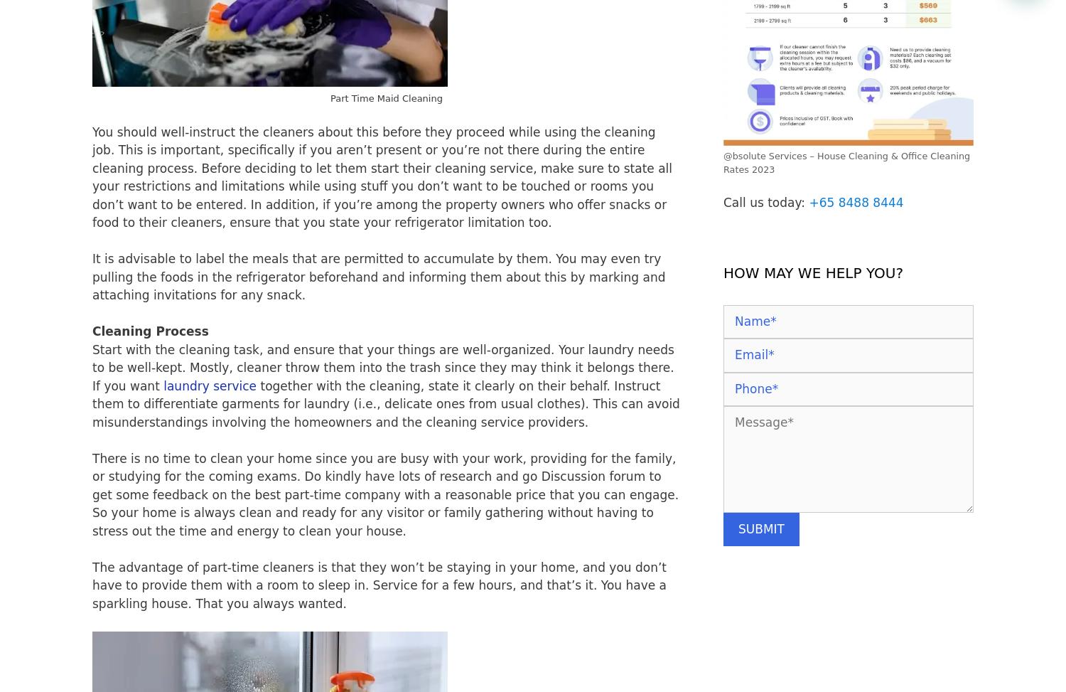 This screenshot has width=1066, height=692. I want to click on 'Start with the cleaning task, and ensure that your things are well-organized. Your laundry needs to be well-kept. Mostly, cleaner throw them into the trash since they may think it belongs there. If you want', so click(382, 366).